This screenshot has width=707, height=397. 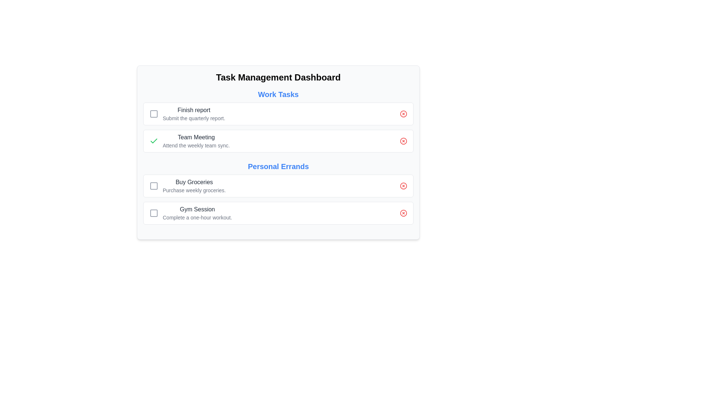 What do you see at coordinates (197, 210) in the screenshot?
I see `the 'Gym Session' text label, which is a semi-bold gray label positioned in the 'Personal Errands' section, located below 'Buy Groceries' and above 'Complete a one-hour workout'` at bounding box center [197, 210].